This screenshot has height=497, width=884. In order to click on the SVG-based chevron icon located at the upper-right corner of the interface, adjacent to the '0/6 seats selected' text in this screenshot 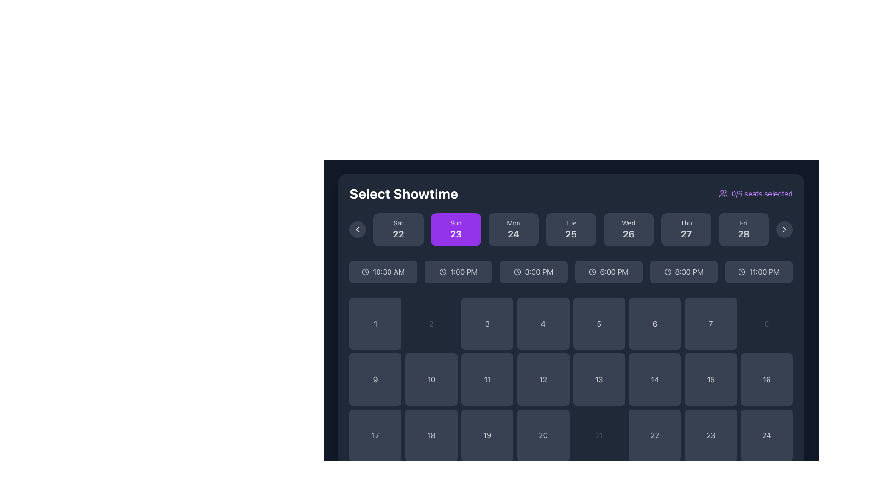, I will do `click(784, 229)`.